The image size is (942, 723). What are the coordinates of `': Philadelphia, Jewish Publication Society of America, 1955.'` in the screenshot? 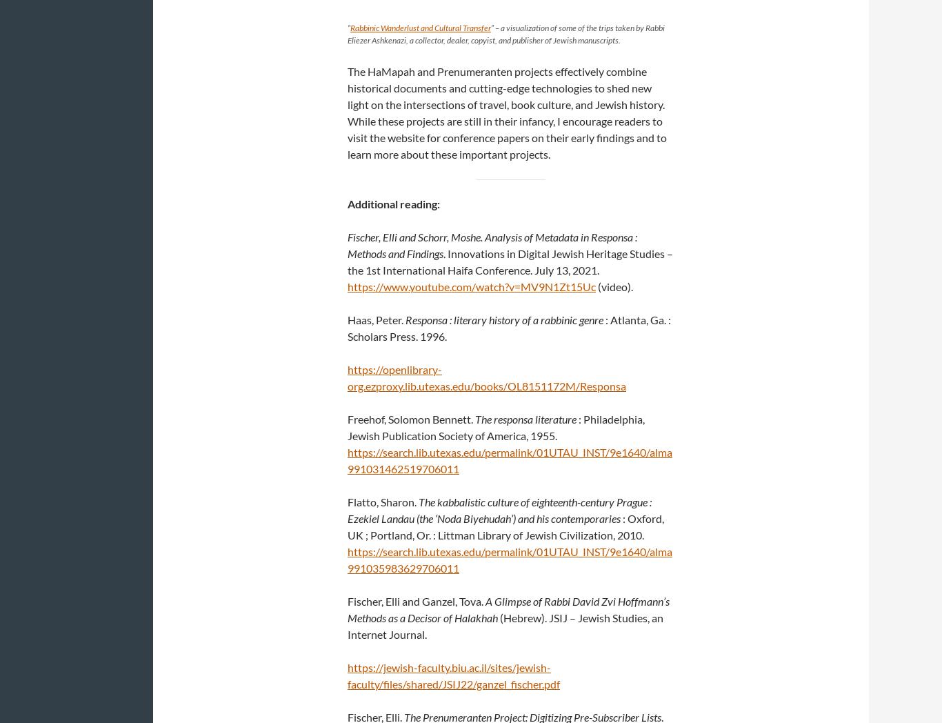 It's located at (496, 426).